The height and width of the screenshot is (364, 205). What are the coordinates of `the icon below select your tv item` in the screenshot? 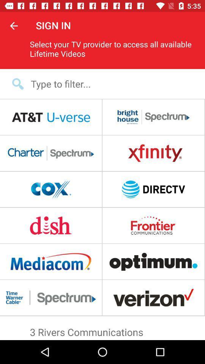 It's located at (107, 84).